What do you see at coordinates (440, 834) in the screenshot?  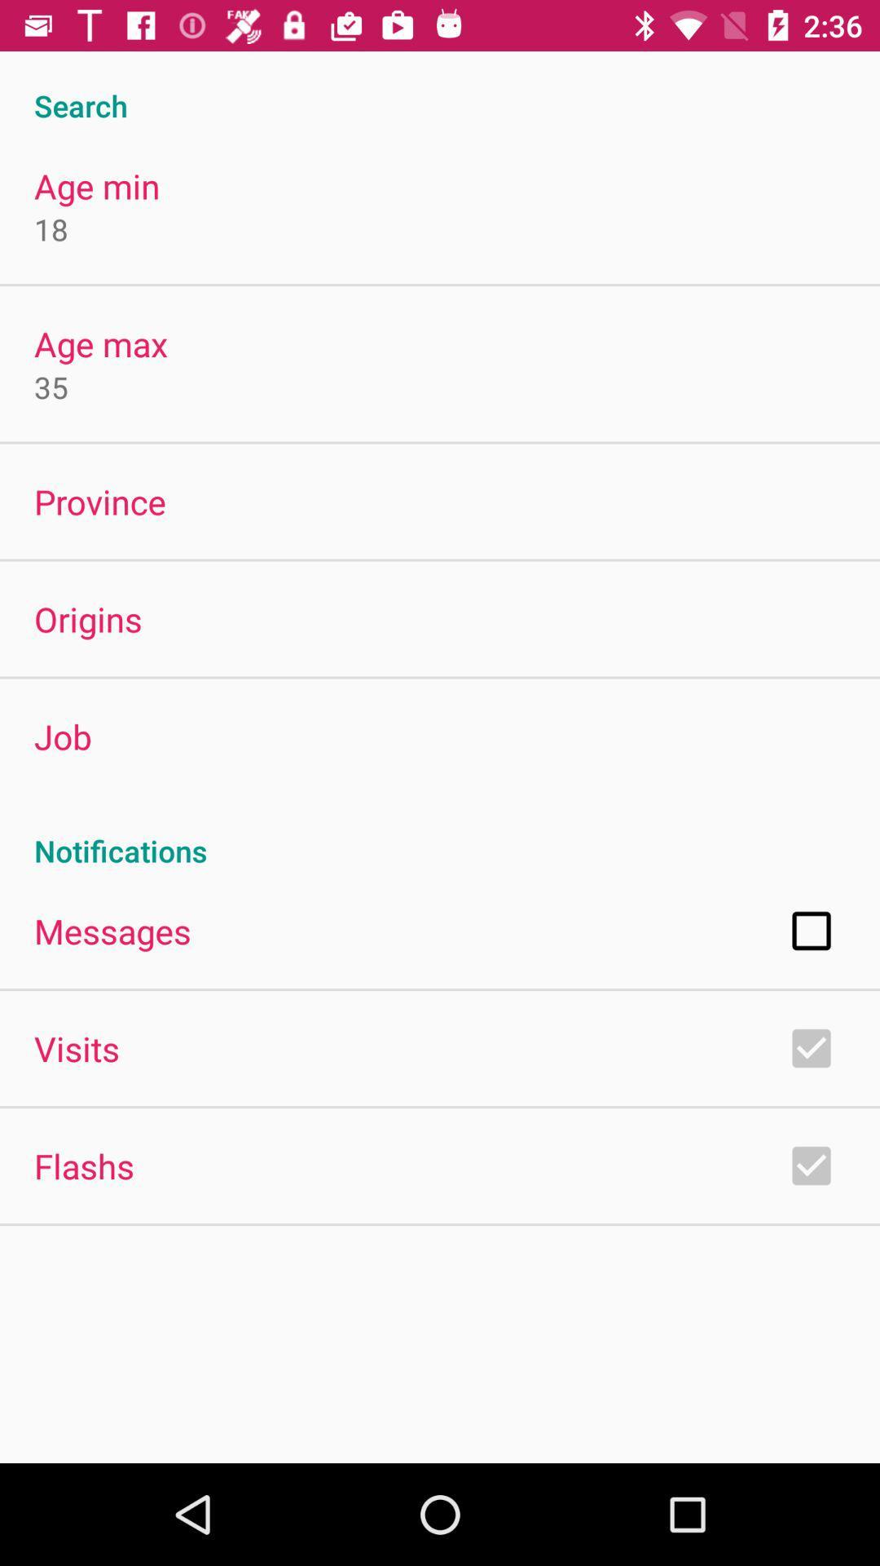 I see `the app below the job icon` at bounding box center [440, 834].